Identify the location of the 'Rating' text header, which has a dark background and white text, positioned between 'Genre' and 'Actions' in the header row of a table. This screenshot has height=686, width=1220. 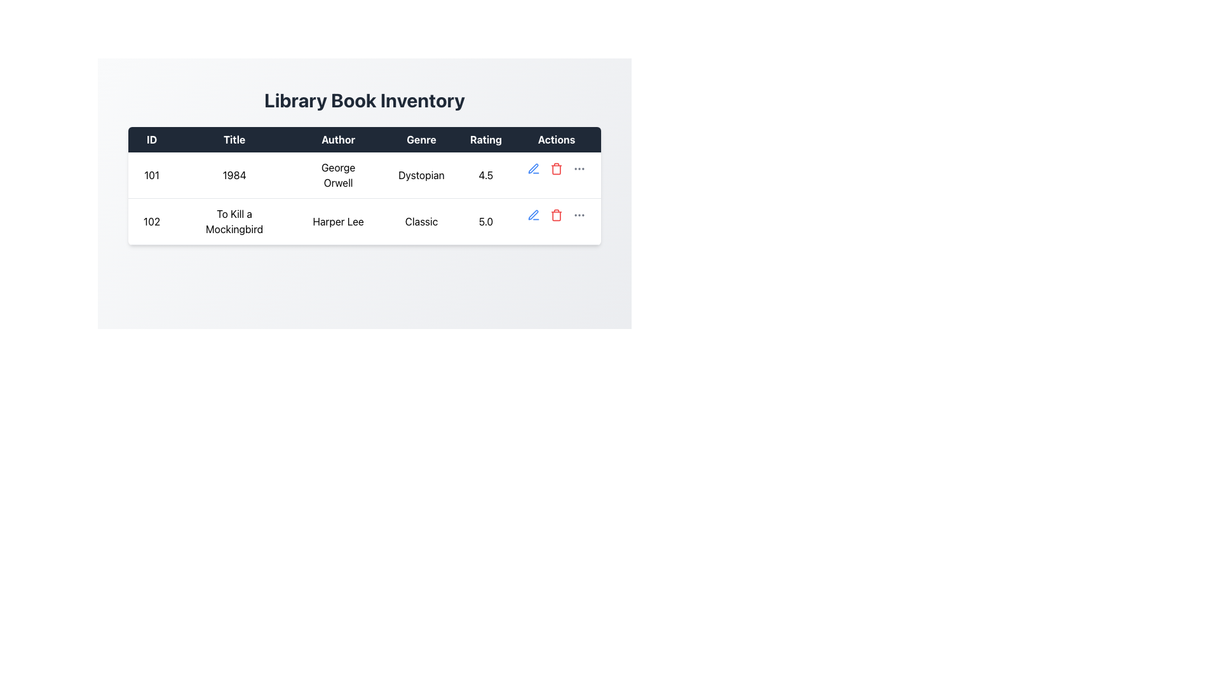
(485, 139).